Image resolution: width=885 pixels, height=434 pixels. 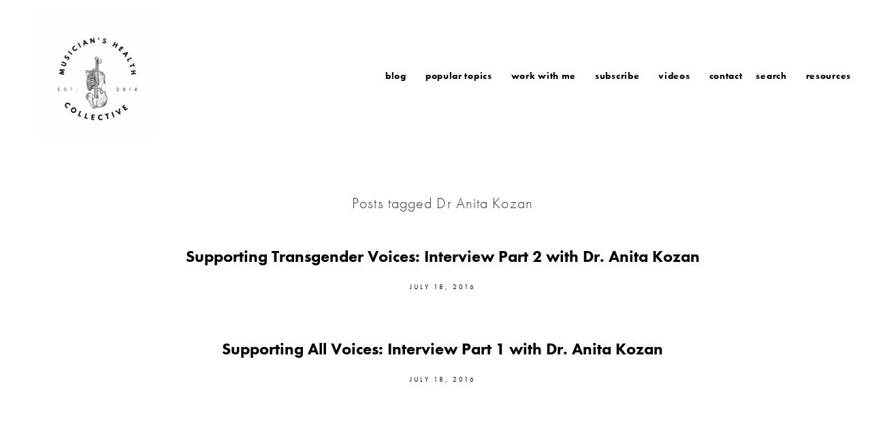 What do you see at coordinates (594, 74) in the screenshot?
I see `'Subscribe'` at bounding box center [594, 74].